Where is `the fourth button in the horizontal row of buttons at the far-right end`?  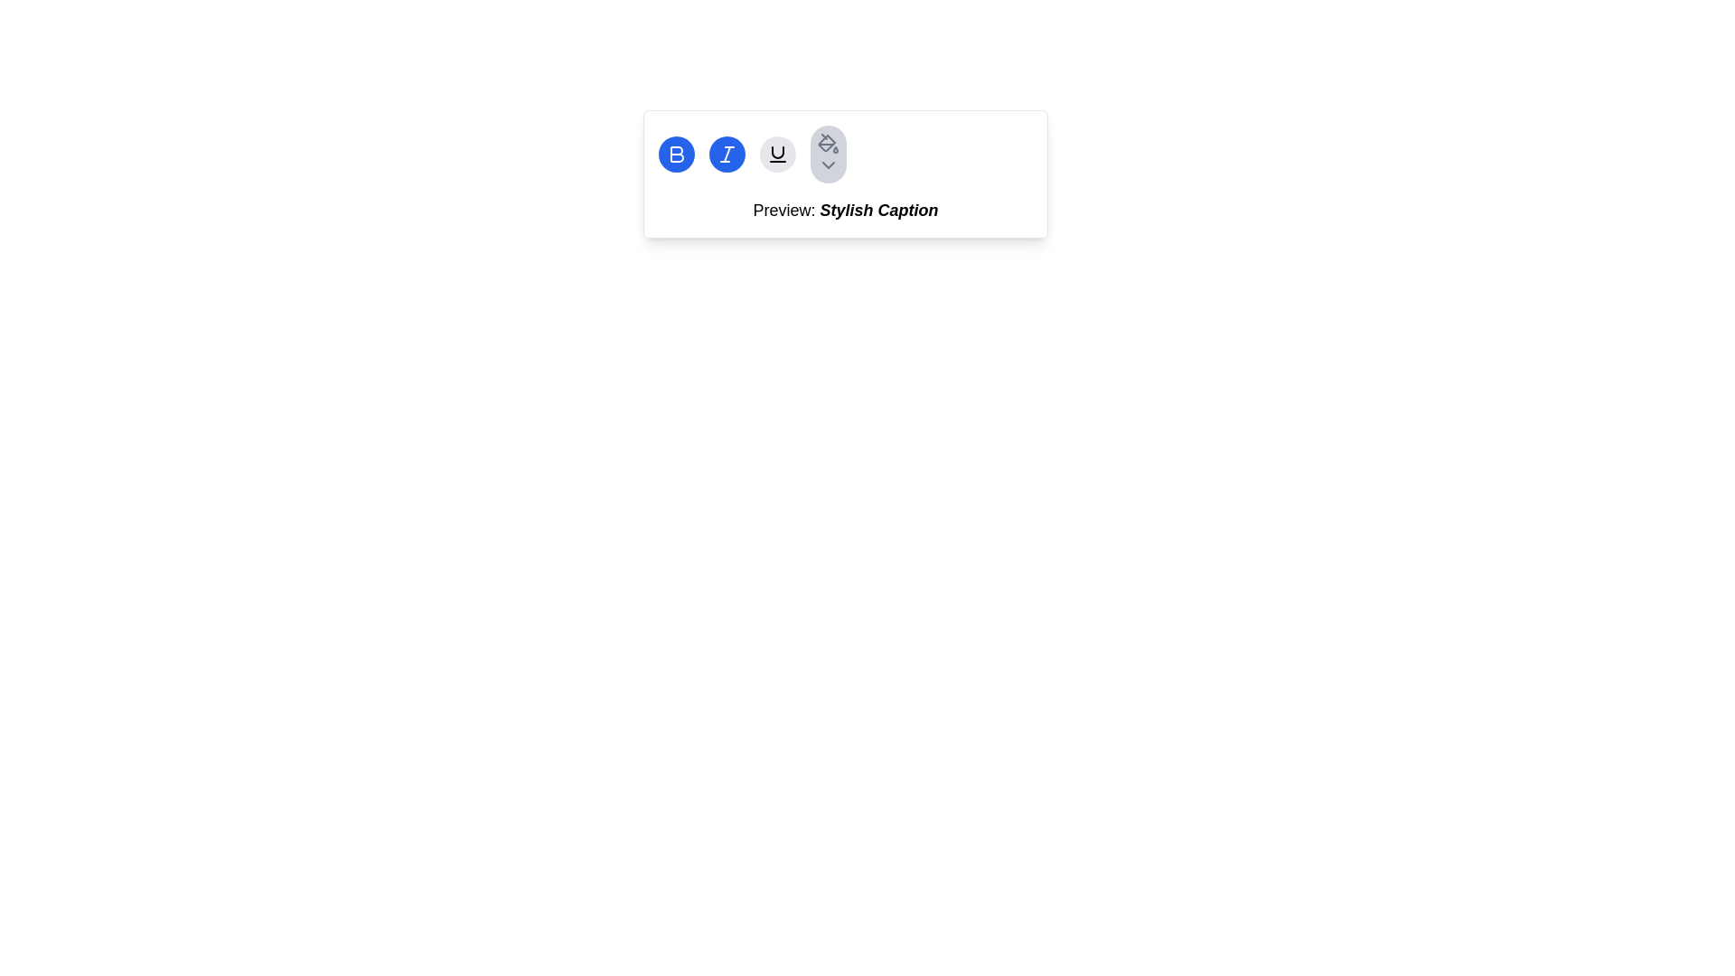
the fourth button in the horizontal row of buttons at the far-right end is located at coordinates (827, 153).